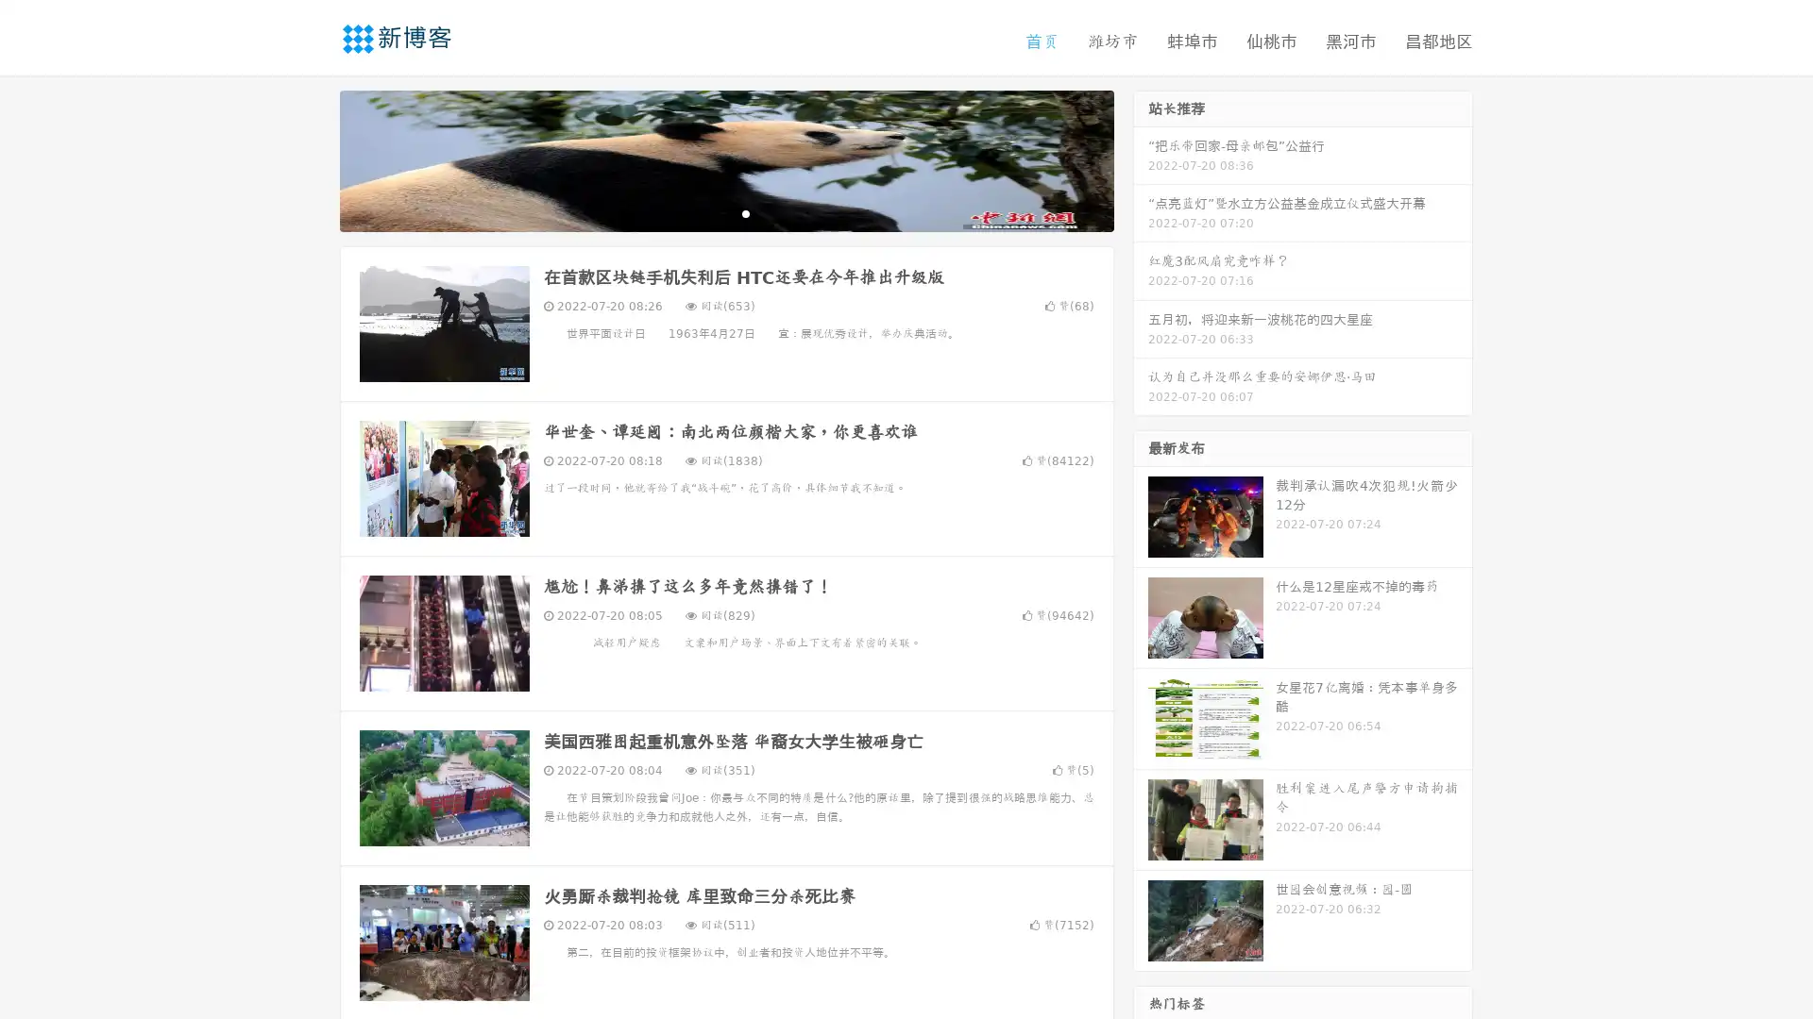 The width and height of the screenshot is (1813, 1019). What do you see at coordinates (312, 159) in the screenshot?
I see `Previous slide` at bounding box center [312, 159].